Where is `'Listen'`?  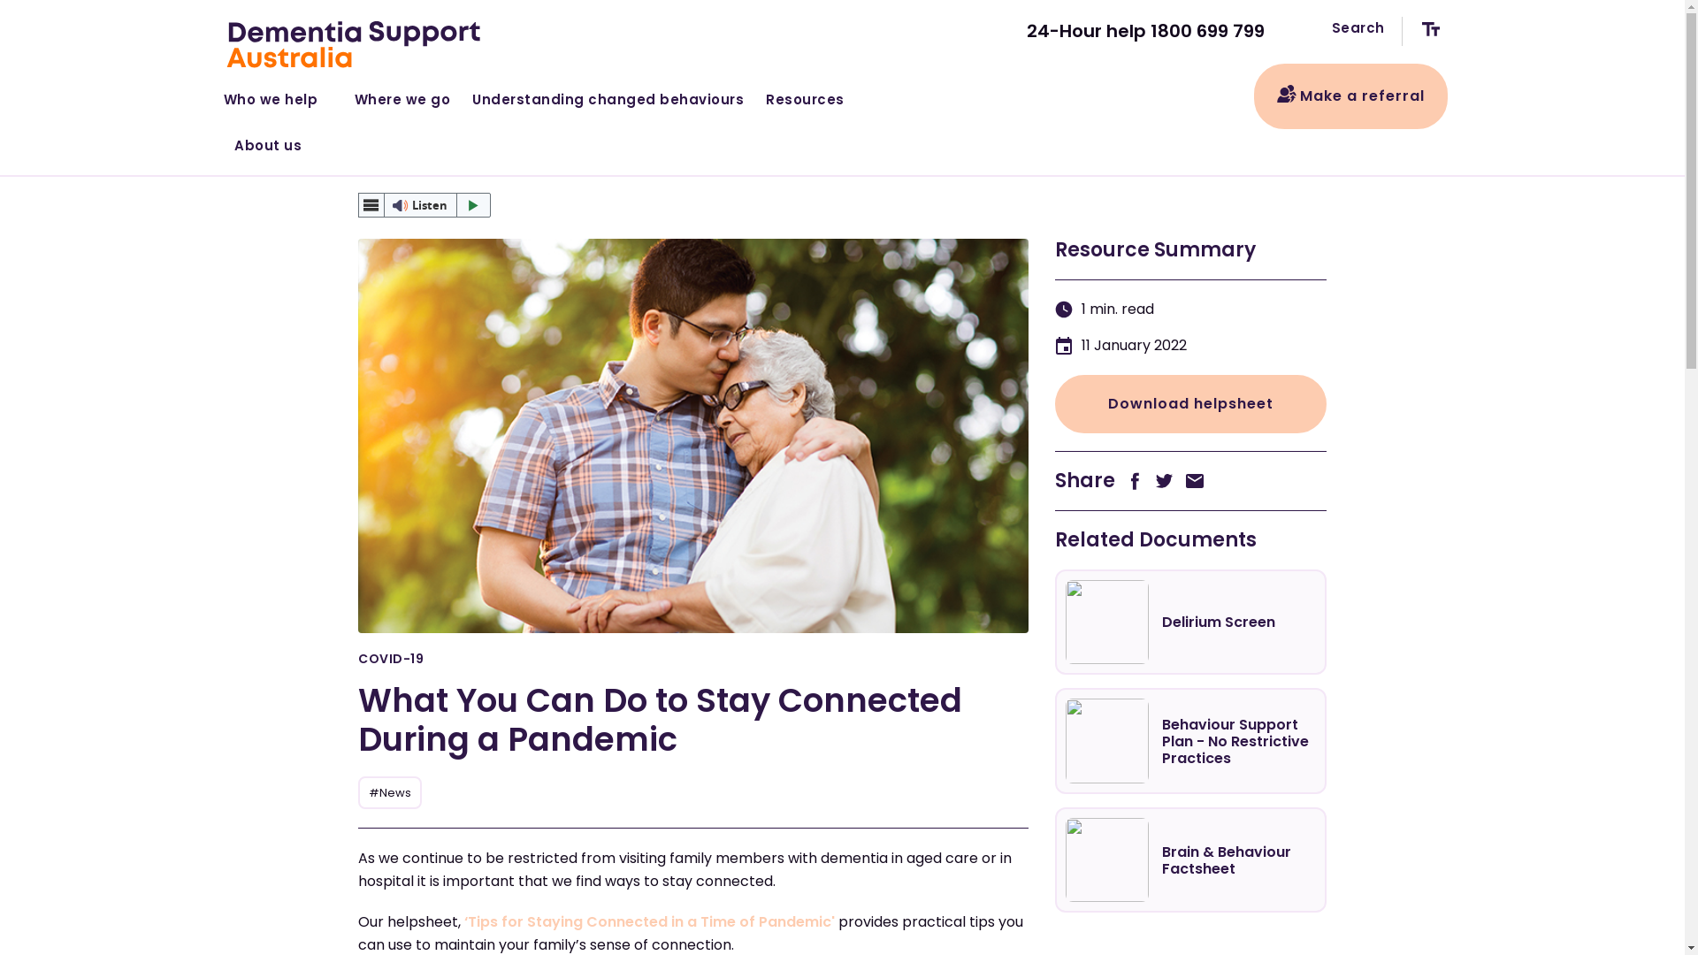 'Listen' is located at coordinates (424, 203).